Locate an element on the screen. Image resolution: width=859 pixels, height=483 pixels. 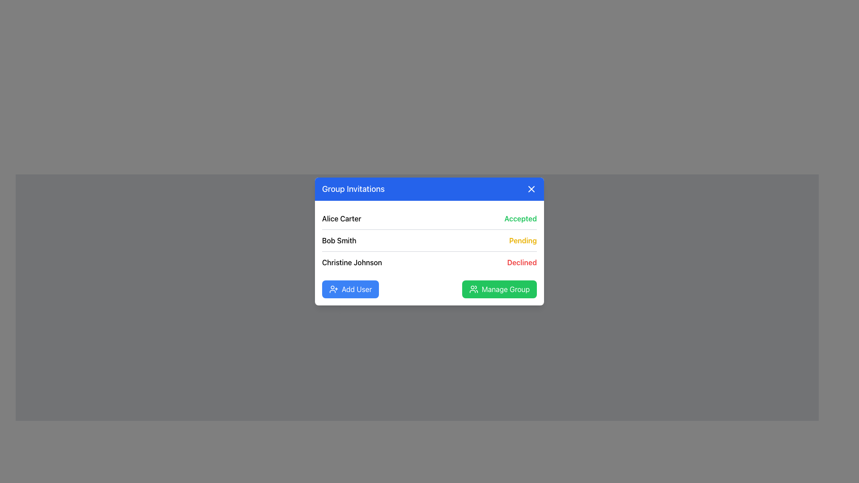
the text label displaying 'Christine Johnson', which is aligned to the left in the last entry of the 'Group Invitations' list, next to the 'Declined' status on the right is located at coordinates (352, 262).